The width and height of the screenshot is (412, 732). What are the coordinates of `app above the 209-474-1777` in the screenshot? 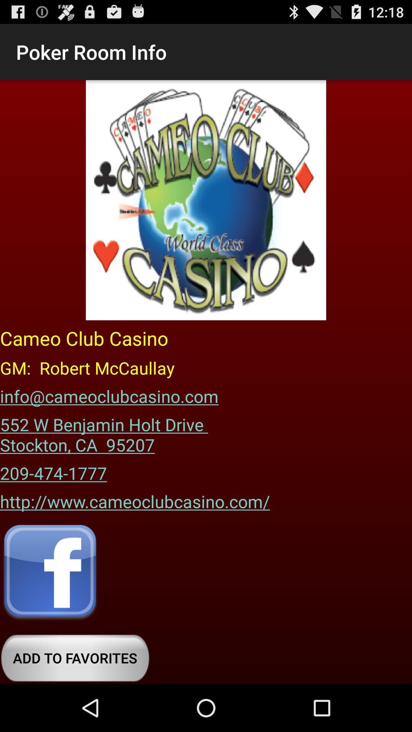 It's located at (106, 432).